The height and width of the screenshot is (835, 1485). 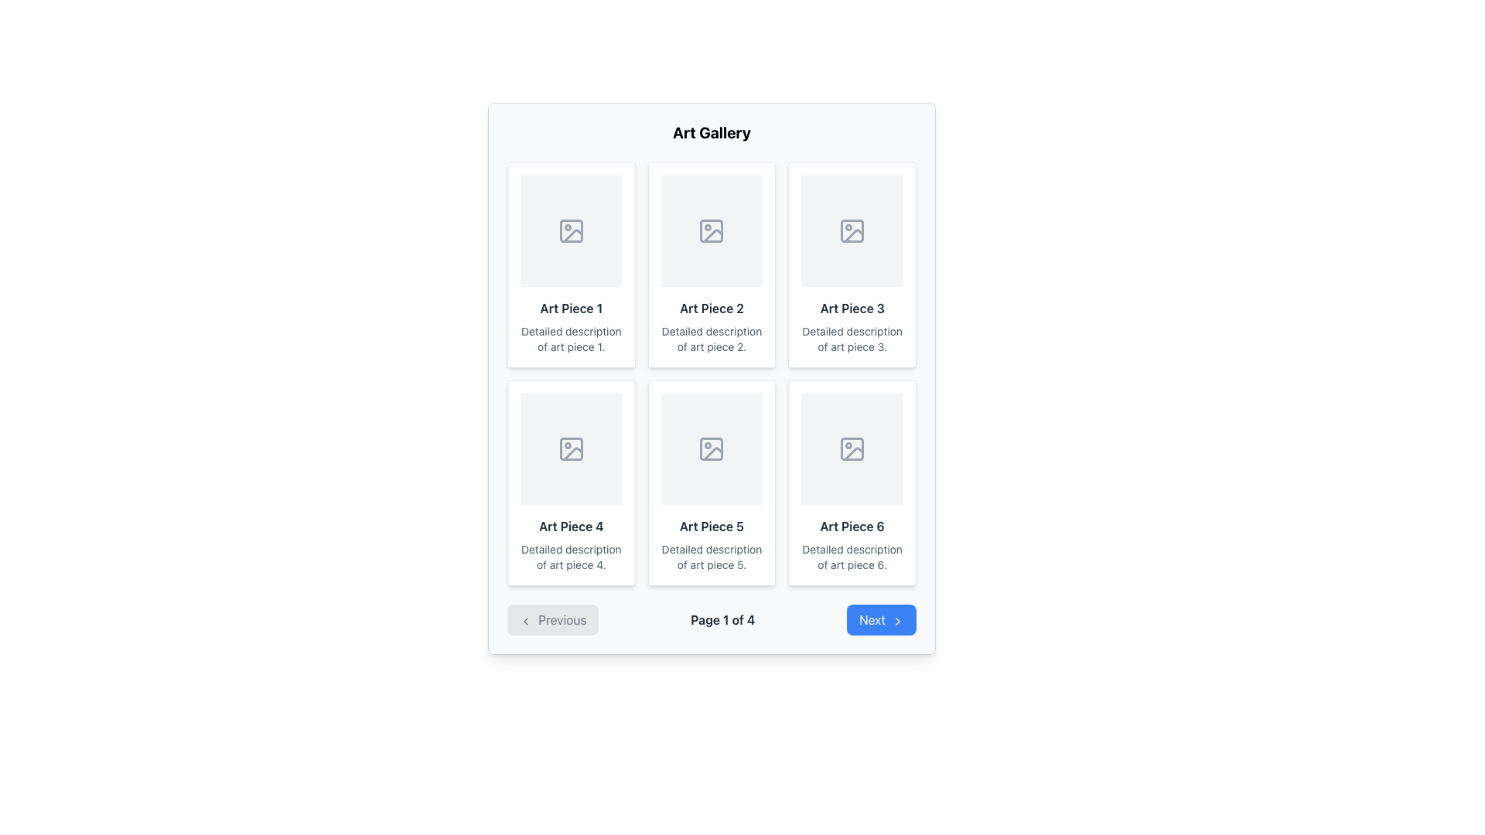 What do you see at coordinates (570, 449) in the screenshot?
I see `the rectangular element with rounded corners that is part of the icon in the fourth tile of the 2x3 grid layout on the 'Art Gallery' page` at bounding box center [570, 449].